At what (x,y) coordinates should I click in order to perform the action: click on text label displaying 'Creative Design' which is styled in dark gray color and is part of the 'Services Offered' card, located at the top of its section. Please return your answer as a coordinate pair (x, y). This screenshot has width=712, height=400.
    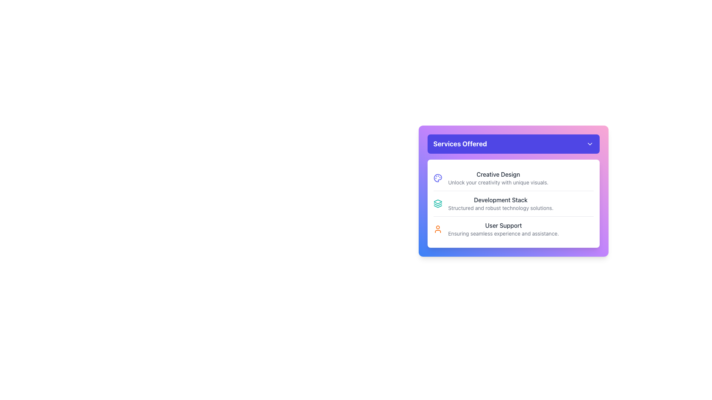
    Looking at the image, I should click on (498, 174).